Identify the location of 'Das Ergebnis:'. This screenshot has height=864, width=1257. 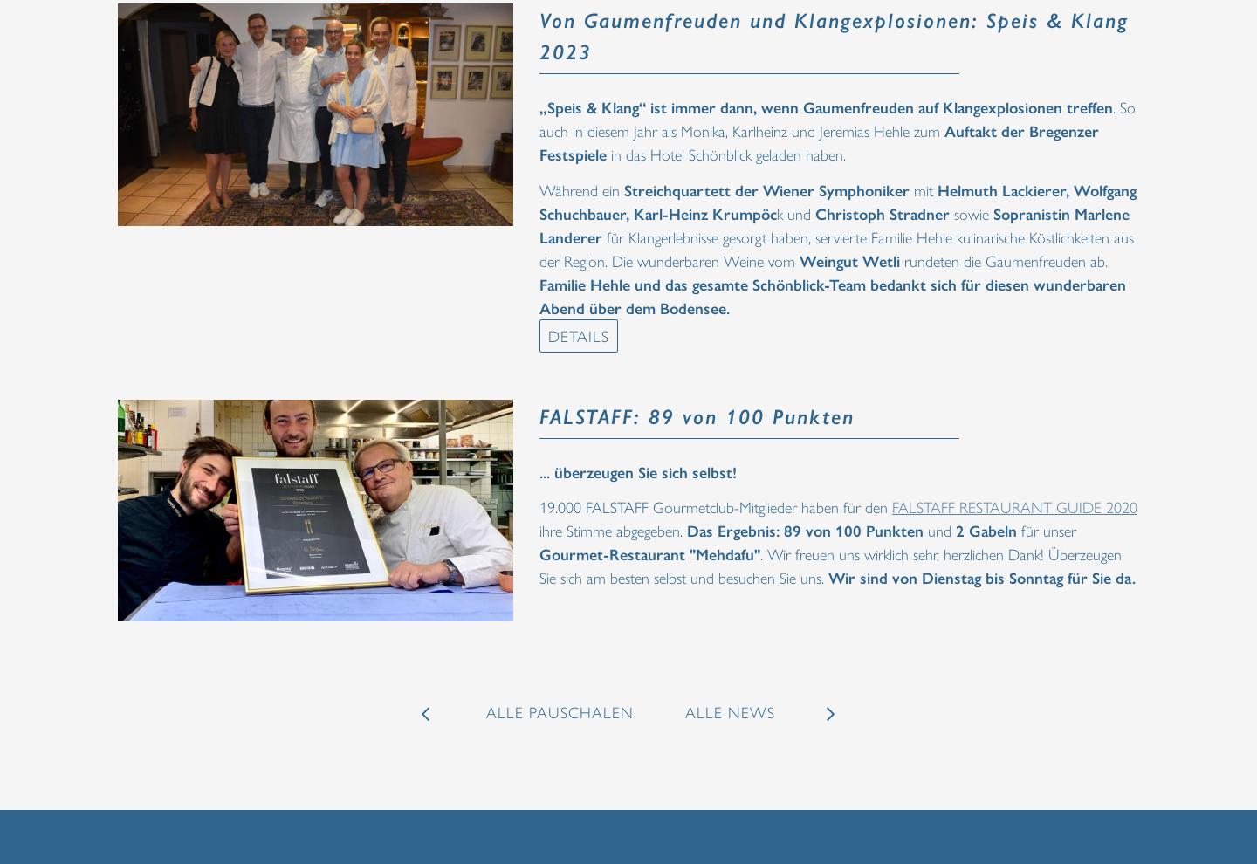
(732, 529).